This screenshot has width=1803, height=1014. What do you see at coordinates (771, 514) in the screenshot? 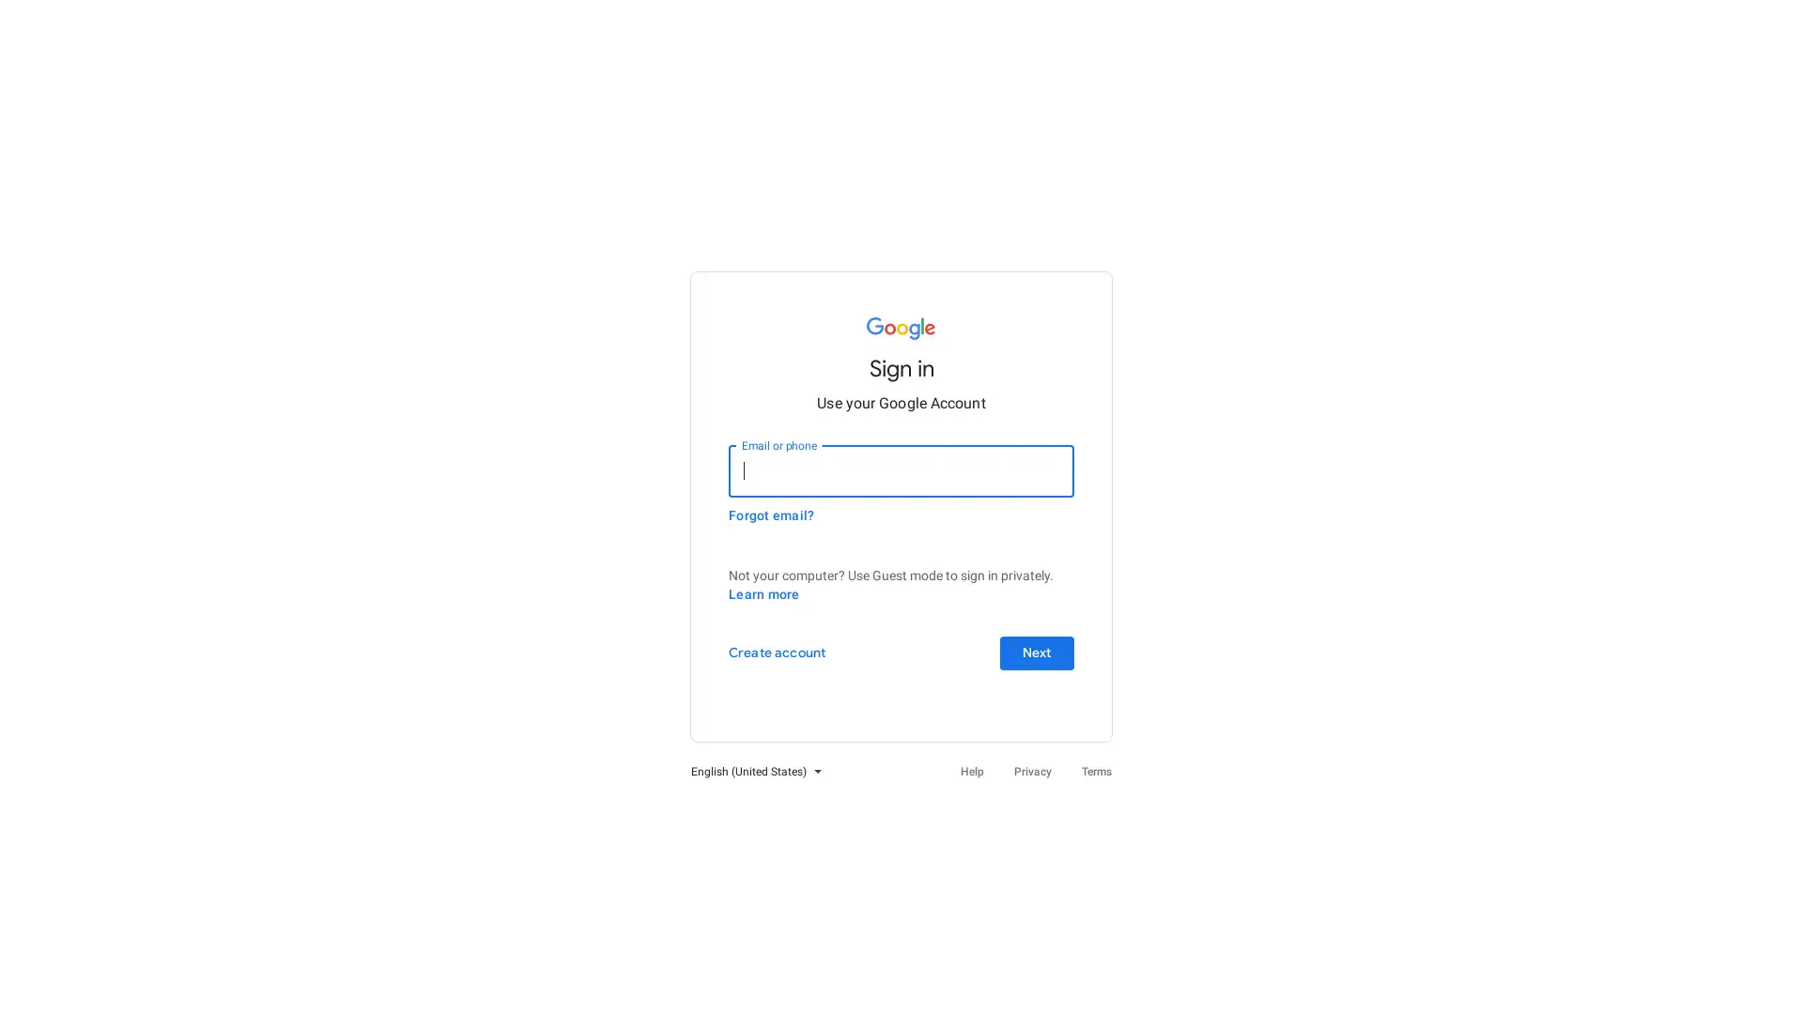
I see `Forgot email?` at bounding box center [771, 514].